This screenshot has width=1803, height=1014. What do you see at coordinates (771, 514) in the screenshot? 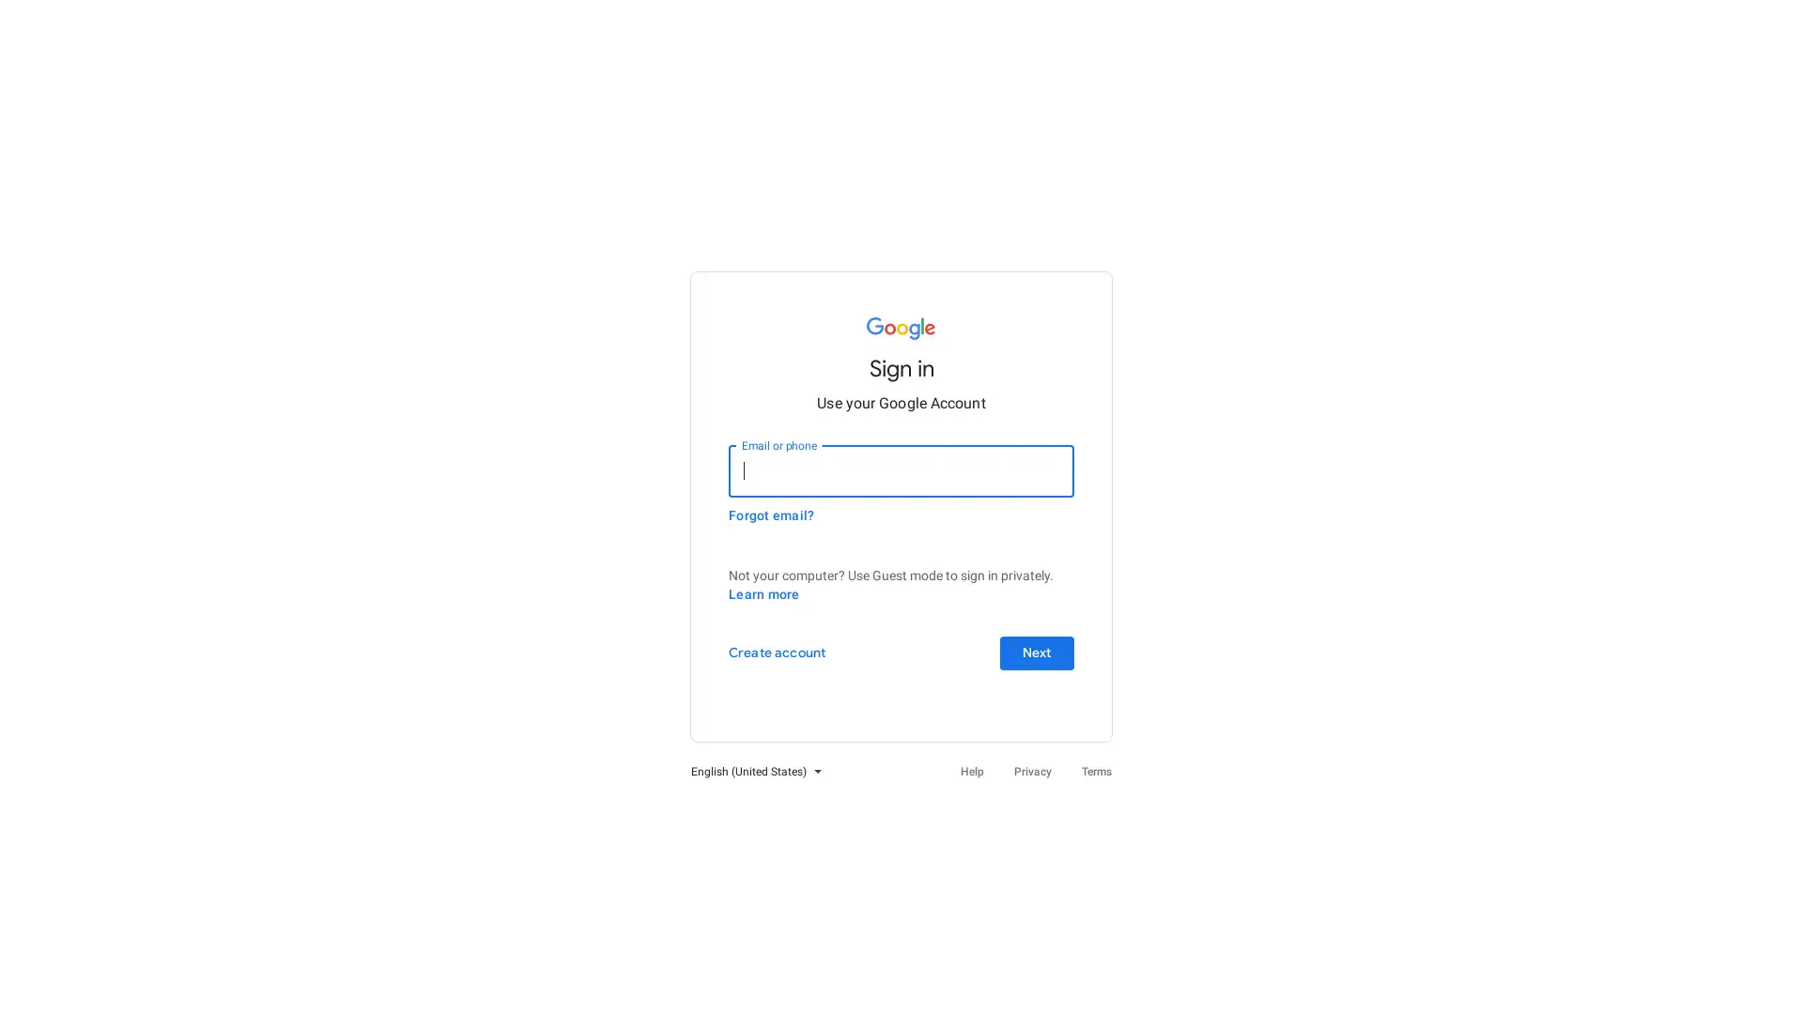
I see `Forgot email?` at bounding box center [771, 514].